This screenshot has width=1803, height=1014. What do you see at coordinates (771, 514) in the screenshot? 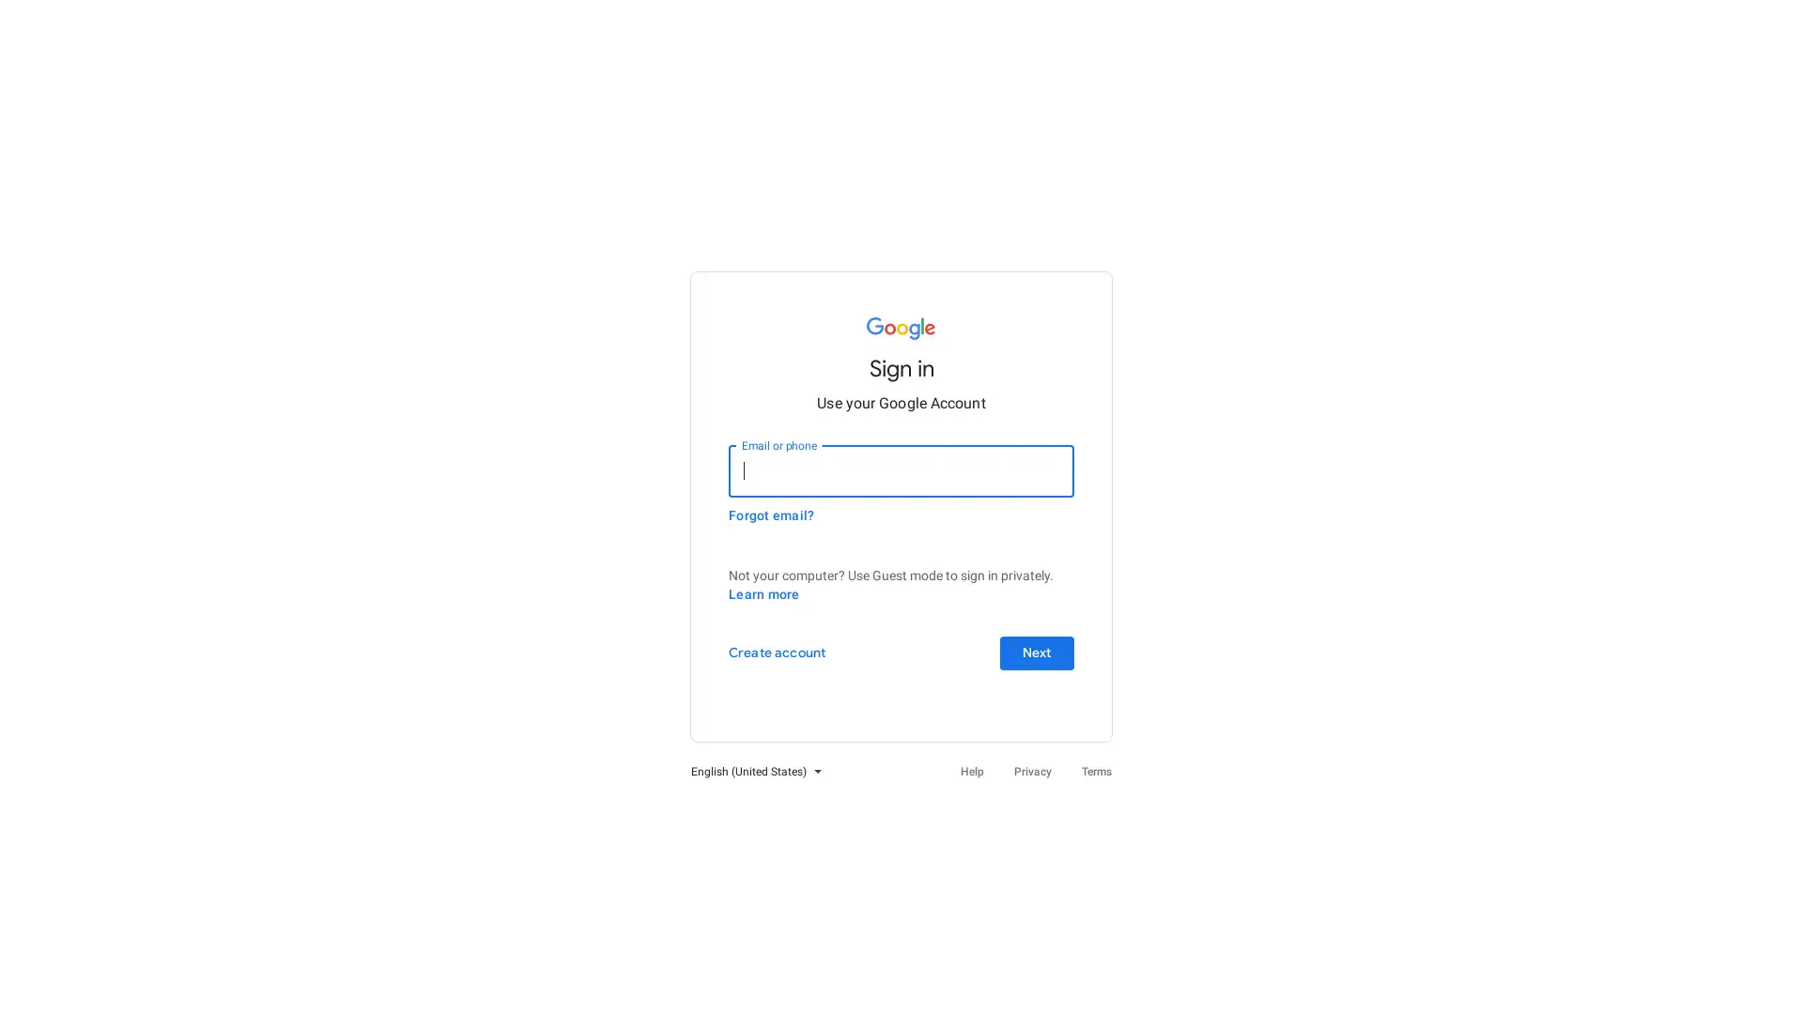
I see `Forgot email?` at bounding box center [771, 514].